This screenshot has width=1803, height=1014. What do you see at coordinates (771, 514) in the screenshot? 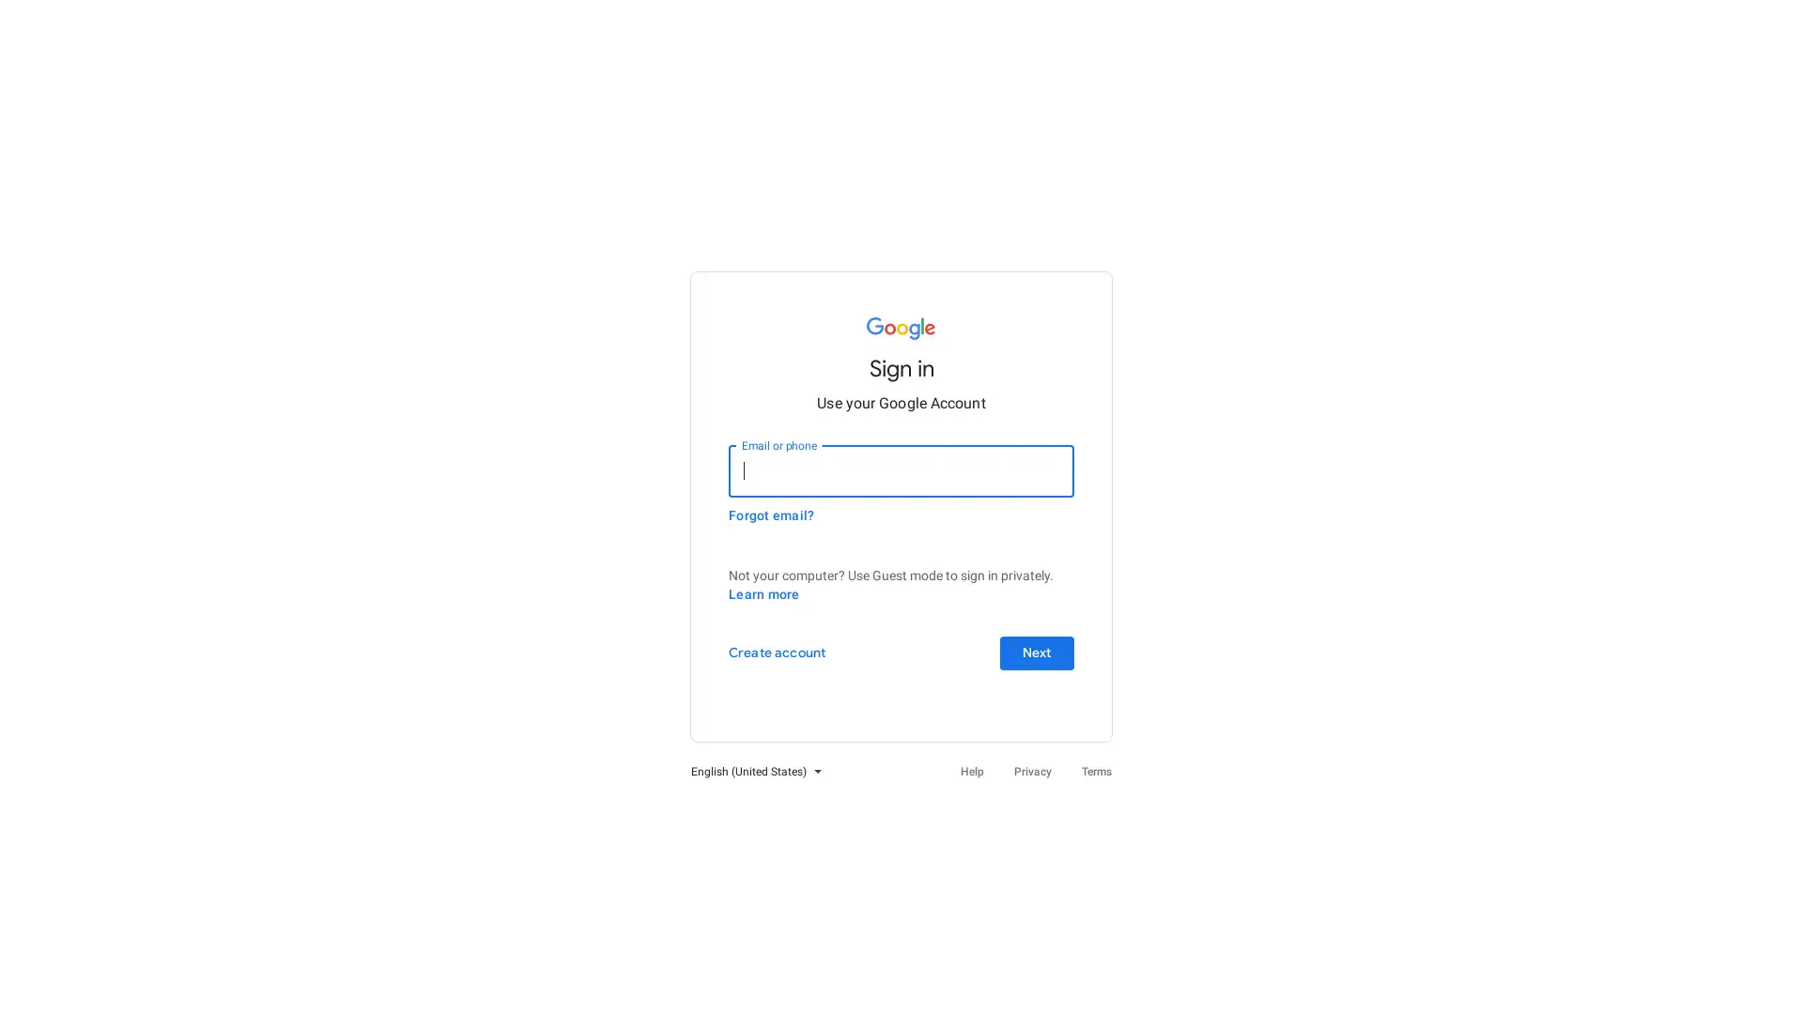
I see `Forgot email?` at bounding box center [771, 514].